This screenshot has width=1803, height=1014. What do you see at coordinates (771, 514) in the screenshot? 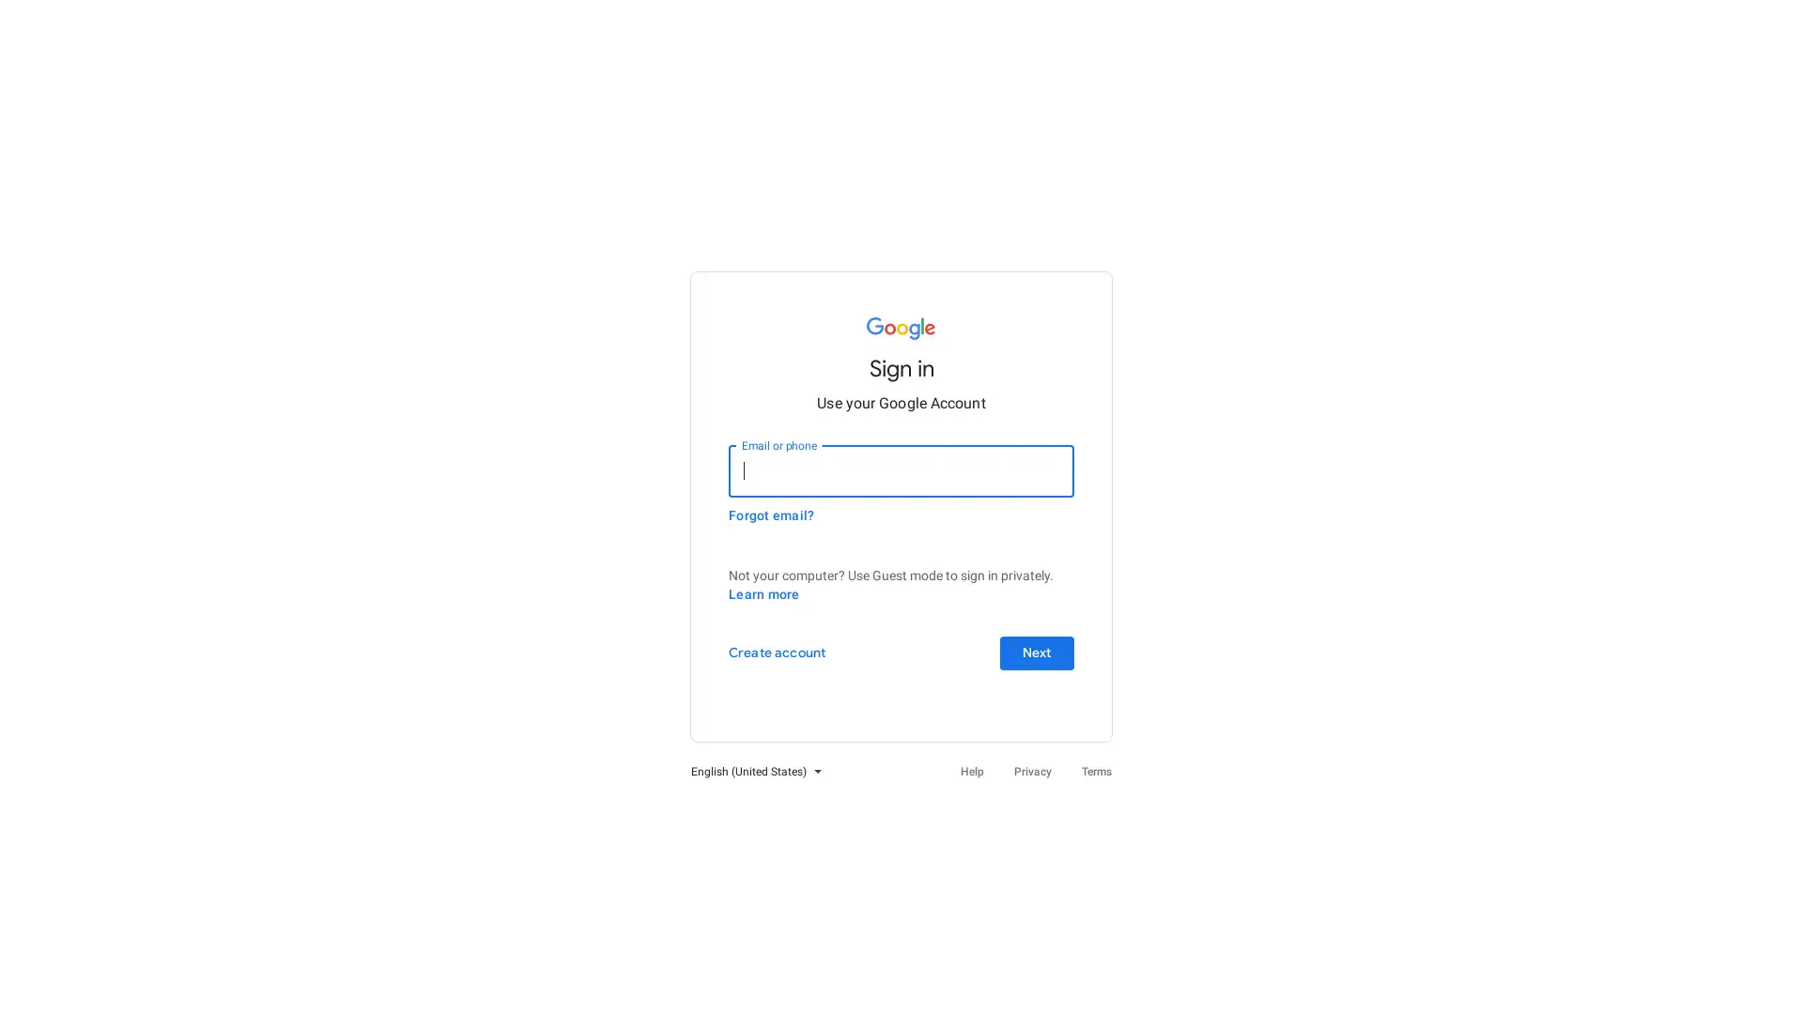
I see `Forgot email?` at bounding box center [771, 514].